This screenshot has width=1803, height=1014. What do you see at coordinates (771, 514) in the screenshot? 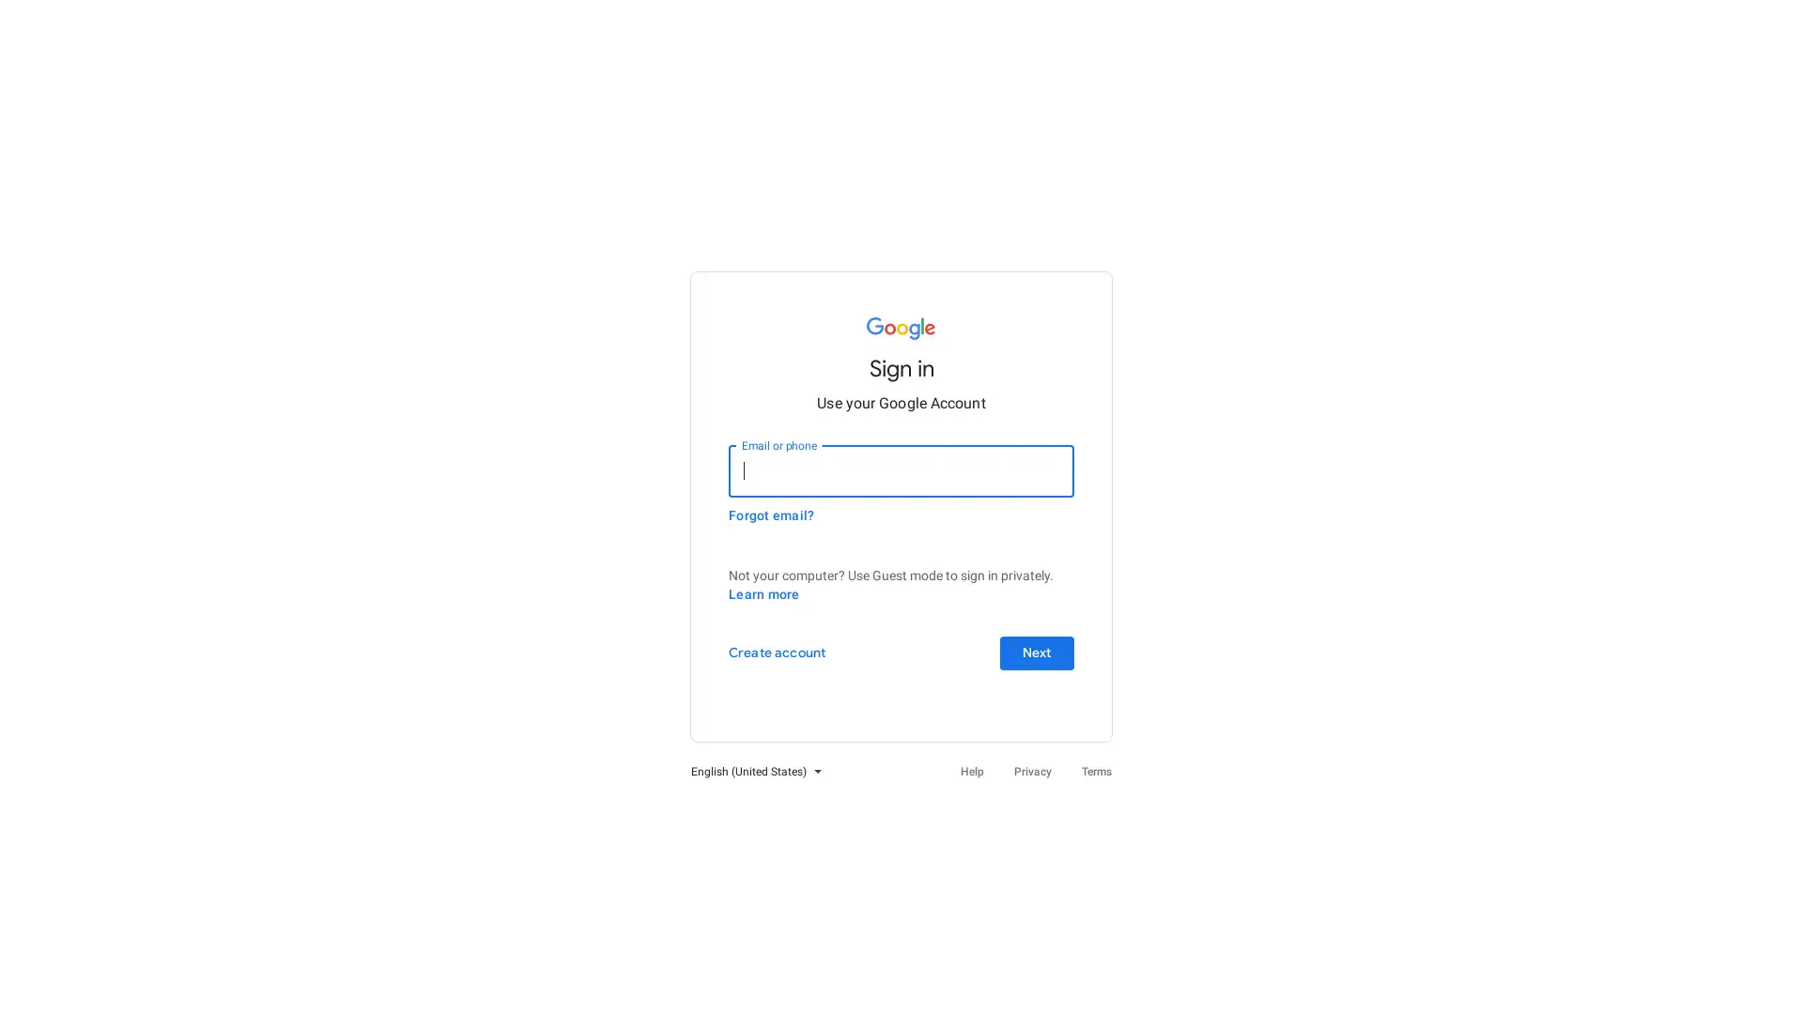
I see `Forgot email?` at bounding box center [771, 514].